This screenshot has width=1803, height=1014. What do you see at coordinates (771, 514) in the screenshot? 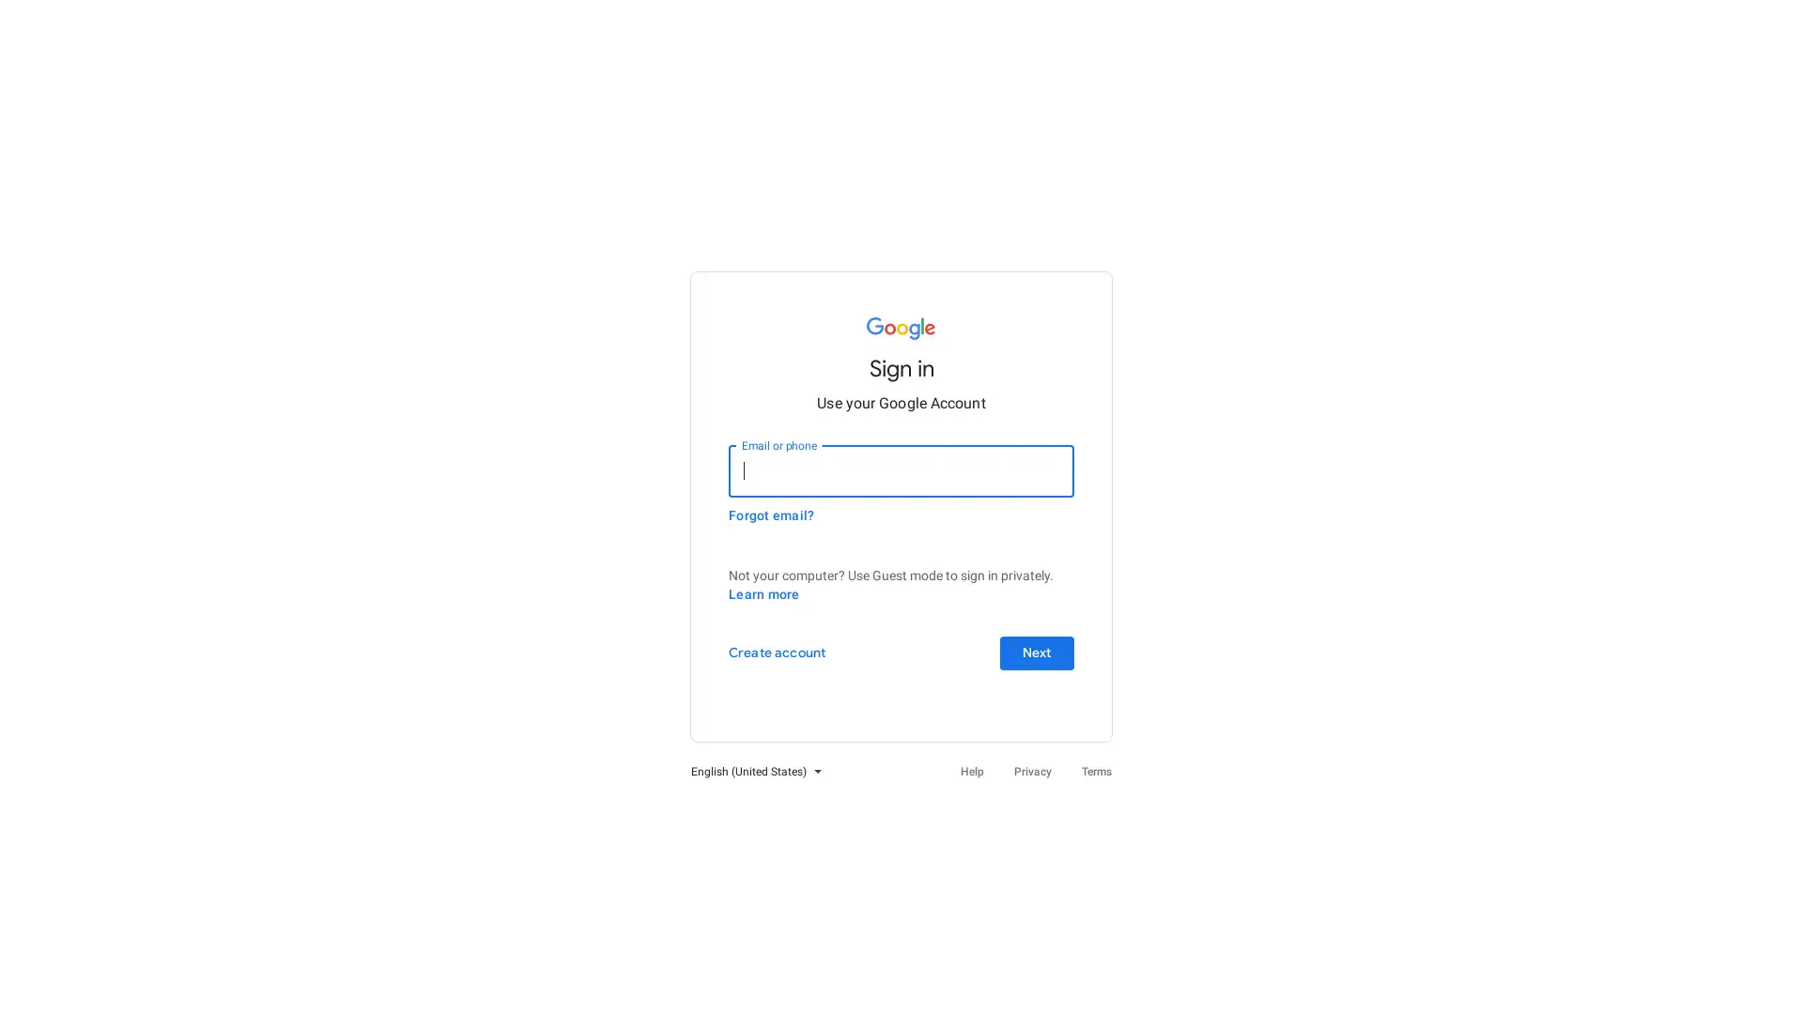
I see `Forgot email?` at bounding box center [771, 514].